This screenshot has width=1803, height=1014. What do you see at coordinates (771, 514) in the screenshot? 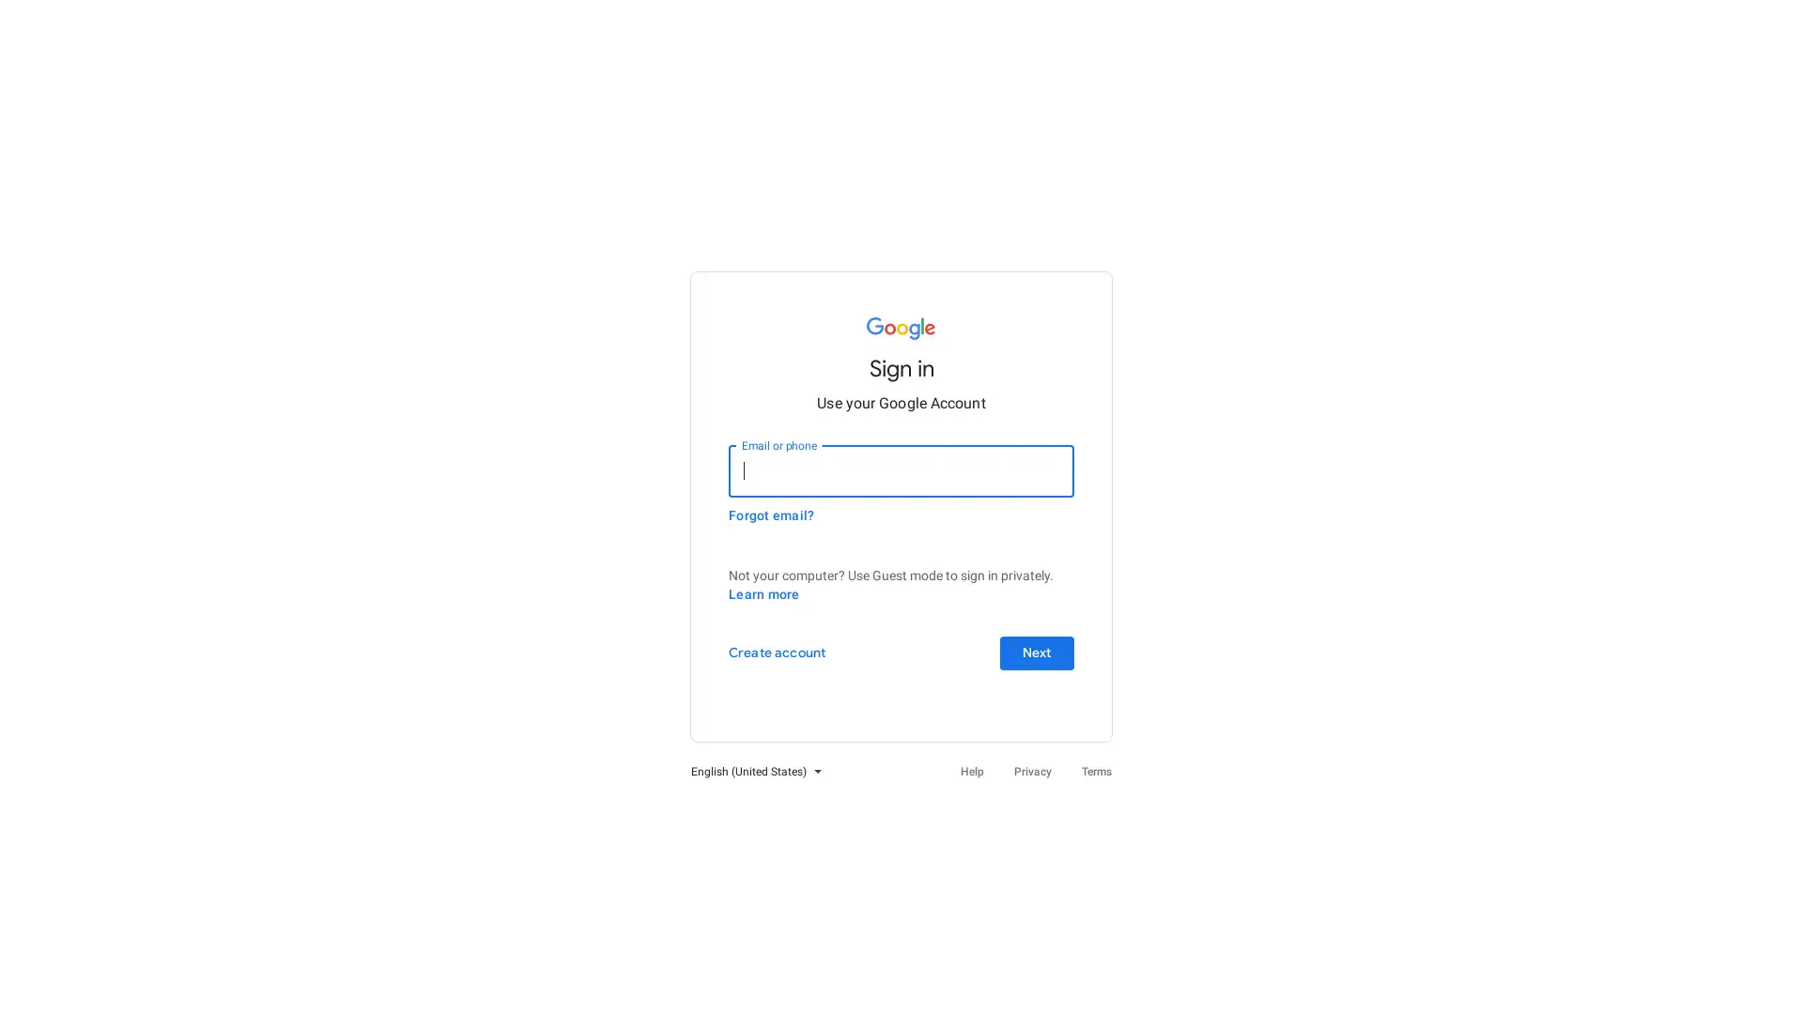
I see `Forgot email?` at bounding box center [771, 514].